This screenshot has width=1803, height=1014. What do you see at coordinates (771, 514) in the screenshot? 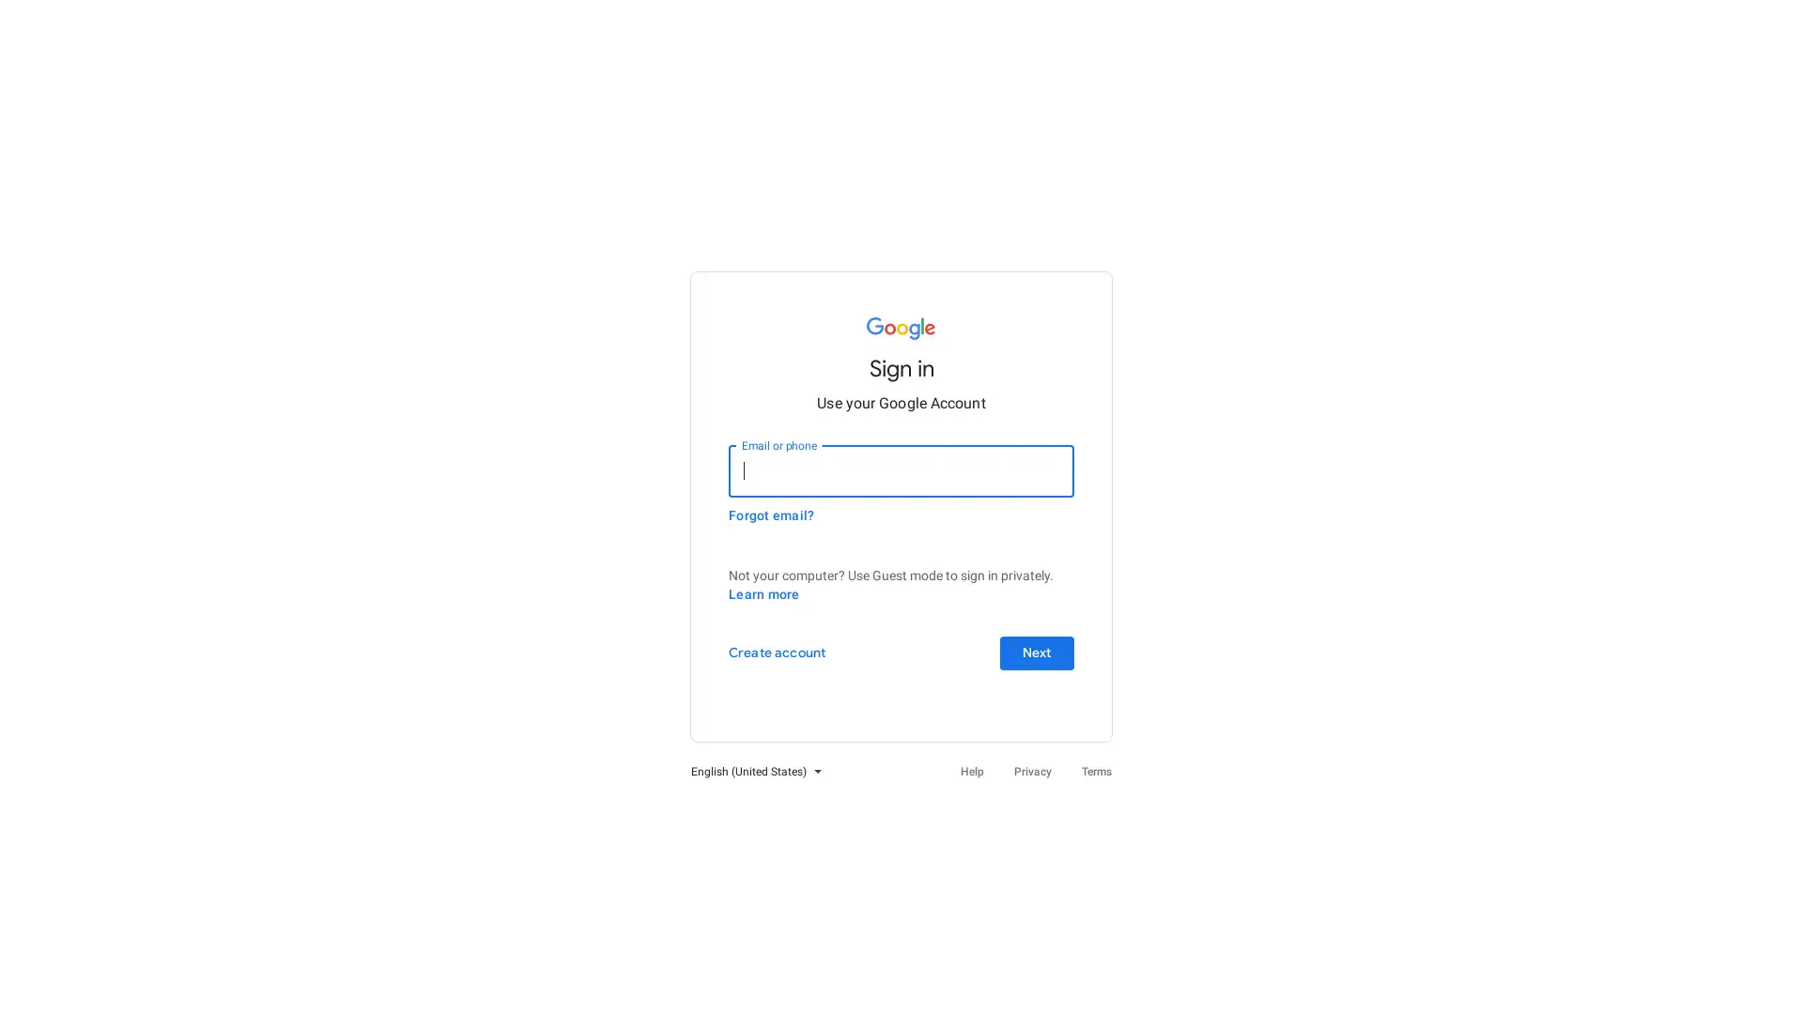
I see `Forgot email?` at bounding box center [771, 514].